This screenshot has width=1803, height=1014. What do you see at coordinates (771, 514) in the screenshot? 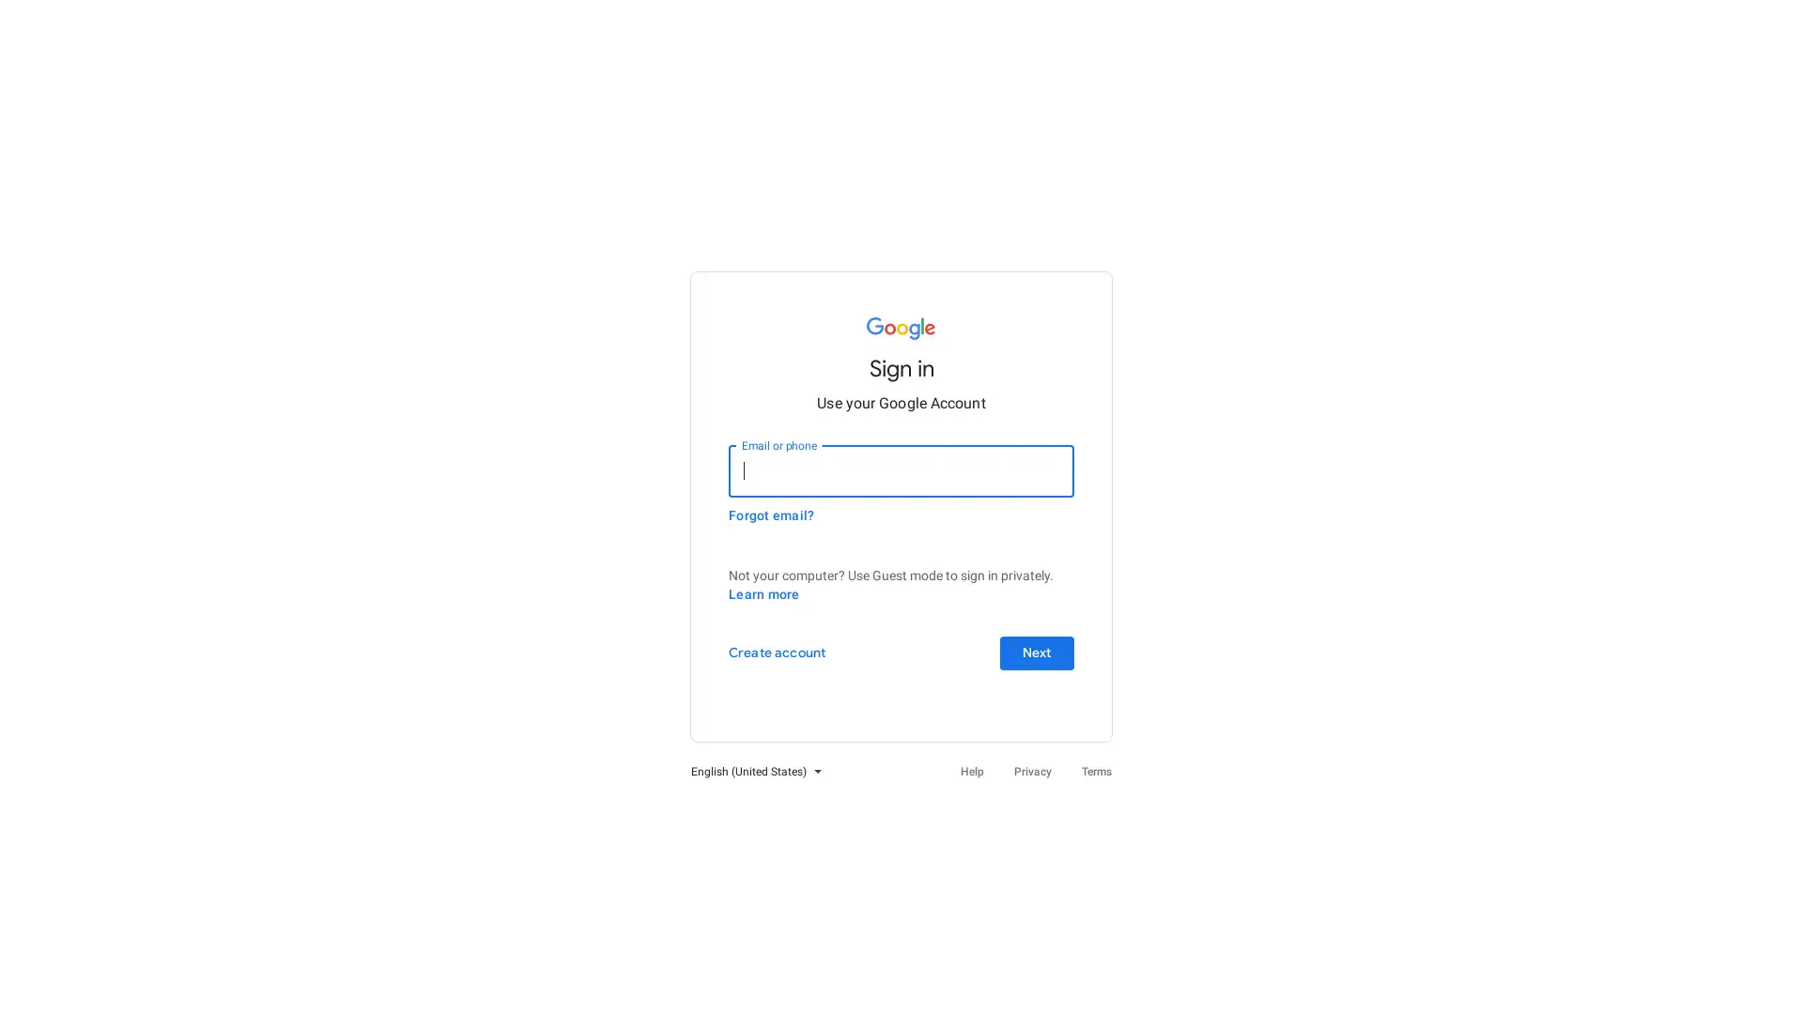
I see `Forgot email?` at bounding box center [771, 514].